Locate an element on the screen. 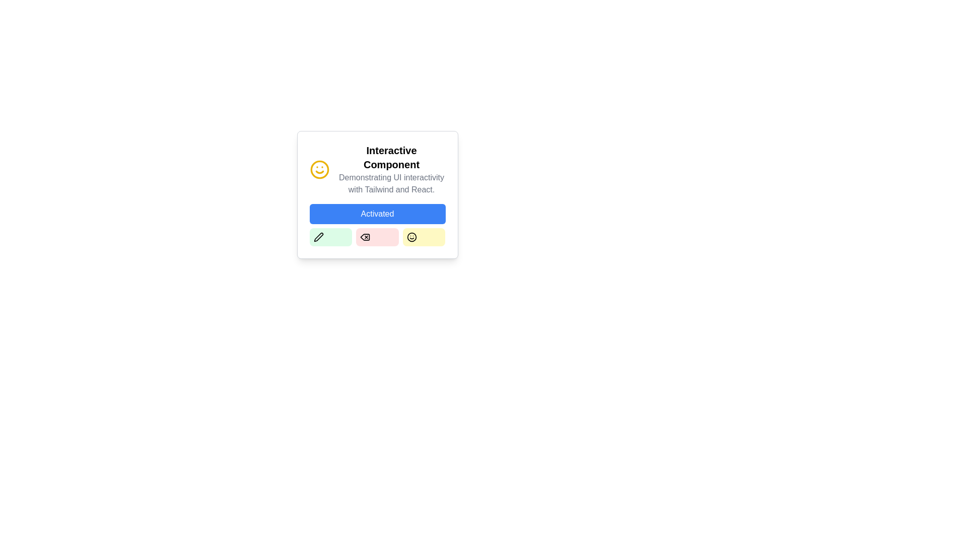 Image resolution: width=967 pixels, height=544 pixels. the first interactive button in the bottom row, which has a light green background and symbolizes the ability to edit or modify content, using keyboard navigation is located at coordinates (318, 237).